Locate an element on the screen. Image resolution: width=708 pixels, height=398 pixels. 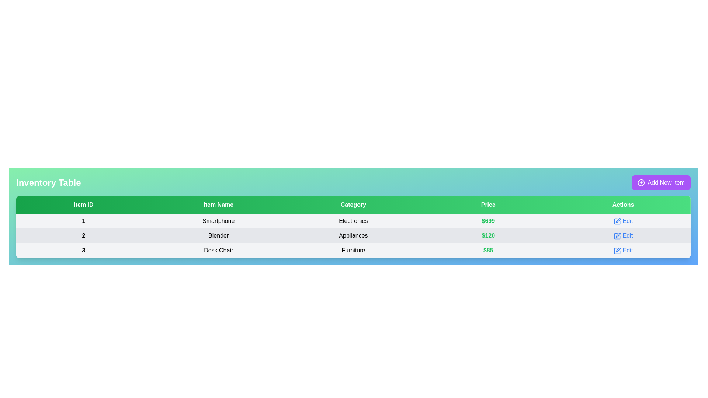
the text label displaying the monetary value '$85' in the fourth column of the table row labeled '3' for the 'Desk Chair' under the 'Furniture' category is located at coordinates (488, 250).